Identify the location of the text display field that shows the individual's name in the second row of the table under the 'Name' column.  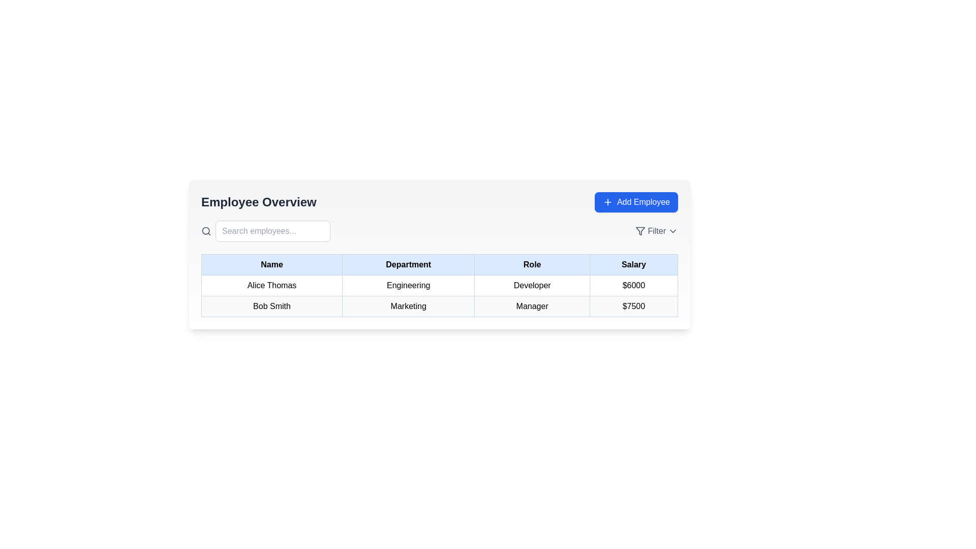
(271, 306).